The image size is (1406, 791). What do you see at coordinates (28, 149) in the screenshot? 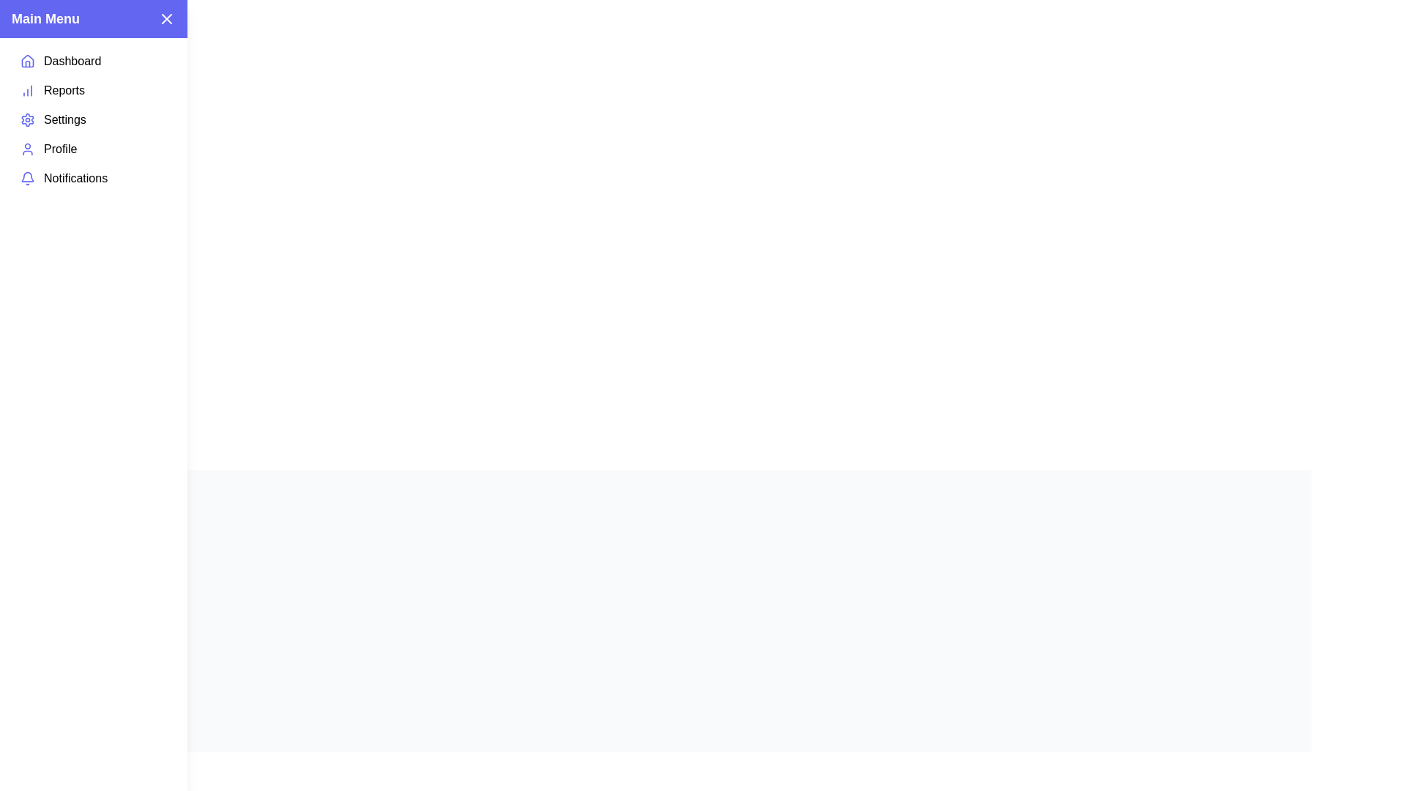
I see `the user icon with a light blue stroke color located in the 'Profile' section of the left-side navigation menu` at bounding box center [28, 149].